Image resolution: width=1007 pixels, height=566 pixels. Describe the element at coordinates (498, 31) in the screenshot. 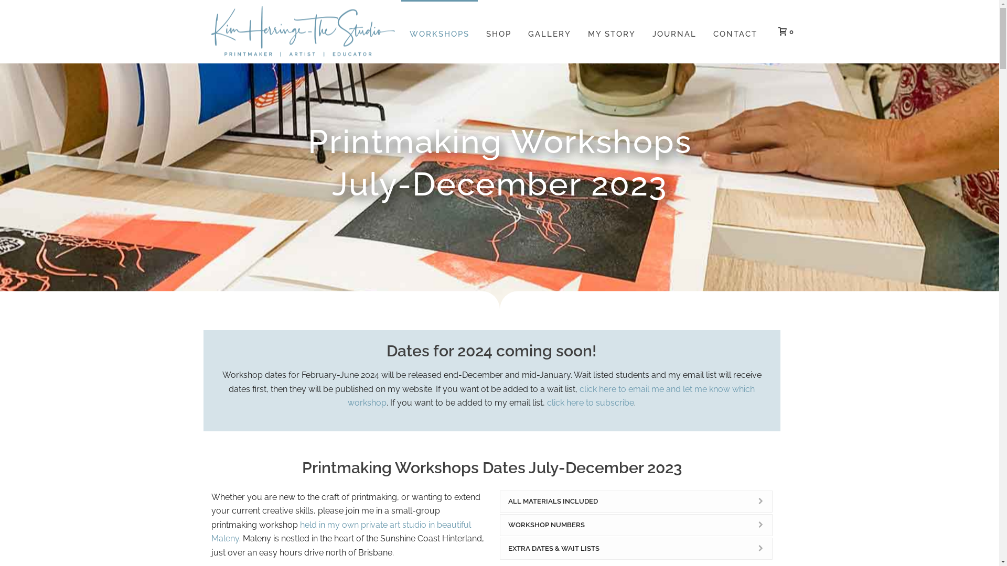

I see `'SHOP'` at that location.